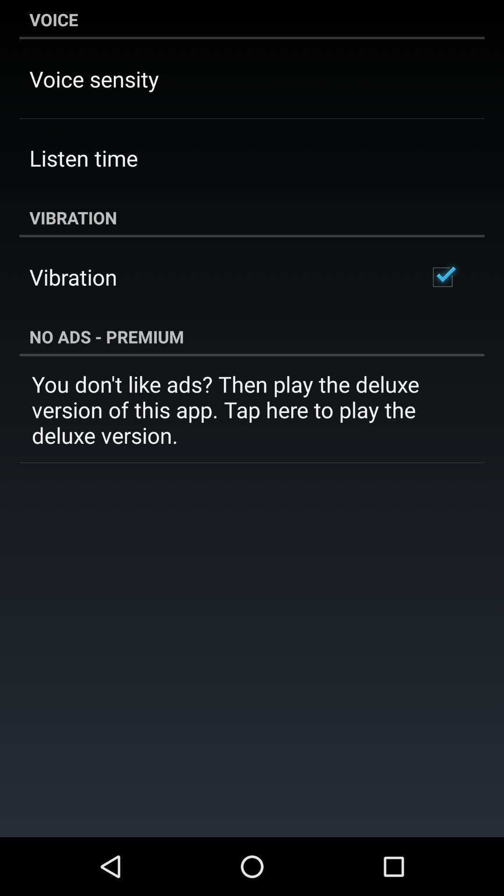 The image size is (504, 896). What do you see at coordinates (94, 79) in the screenshot?
I see `the app below voice item` at bounding box center [94, 79].